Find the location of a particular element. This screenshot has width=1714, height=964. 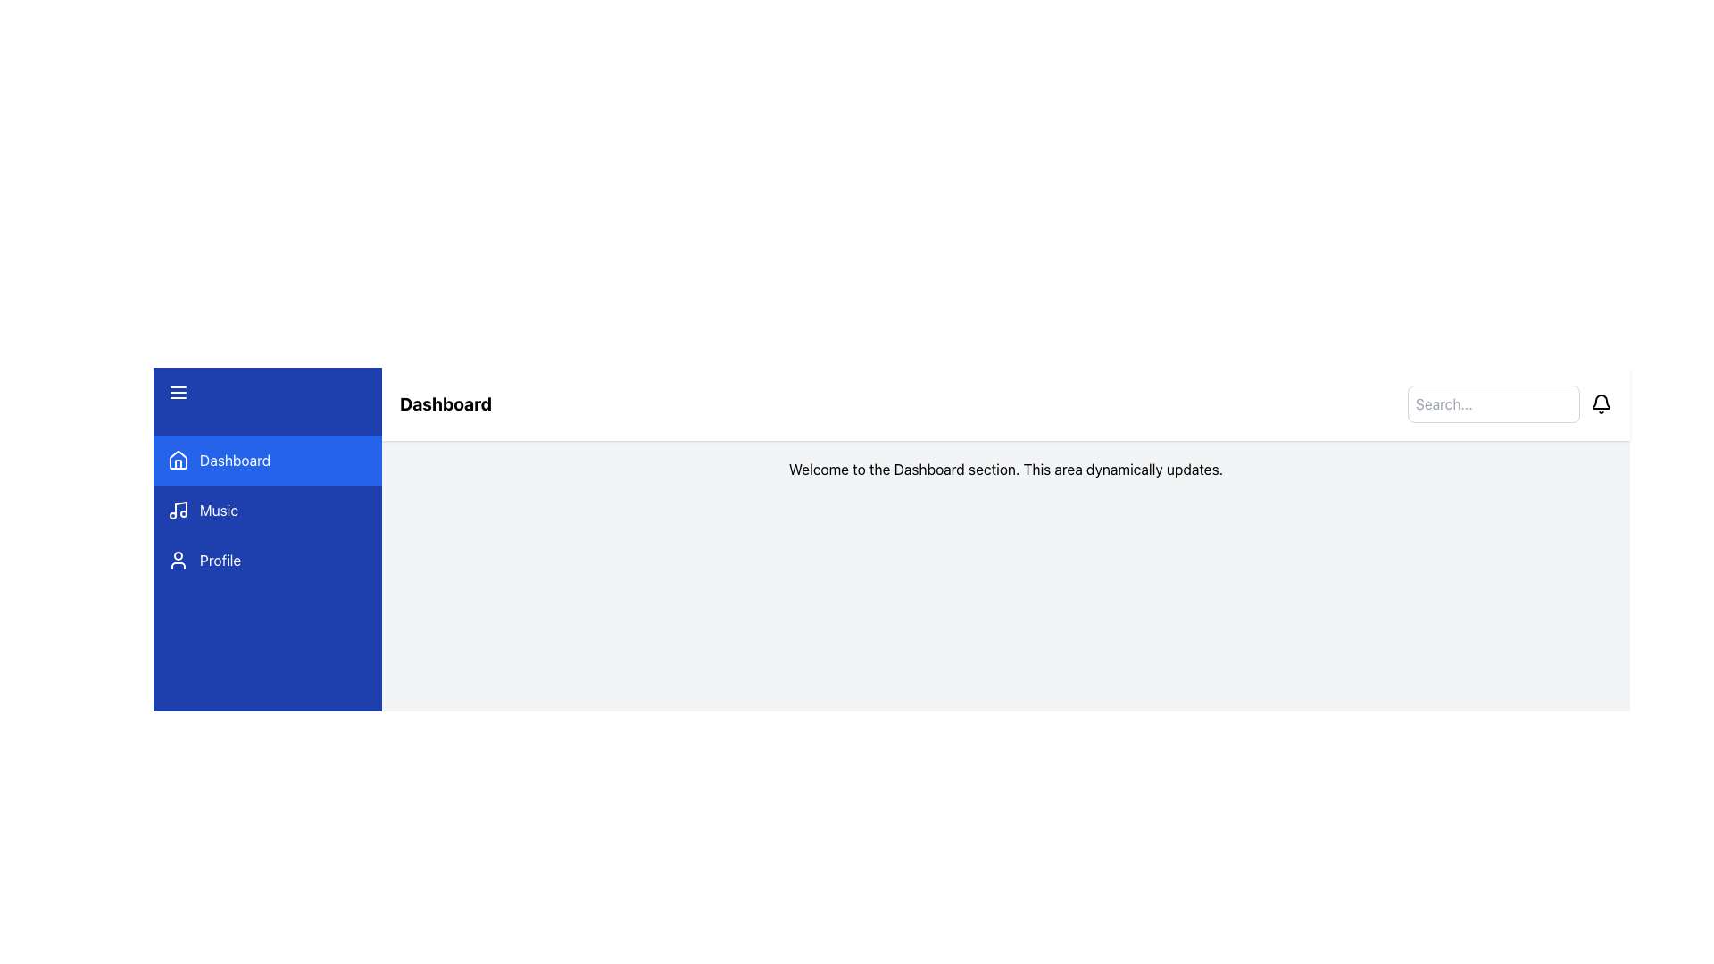

the 'Dashboard' text in the vertical sidebar menu is located at coordinates (234, 460).